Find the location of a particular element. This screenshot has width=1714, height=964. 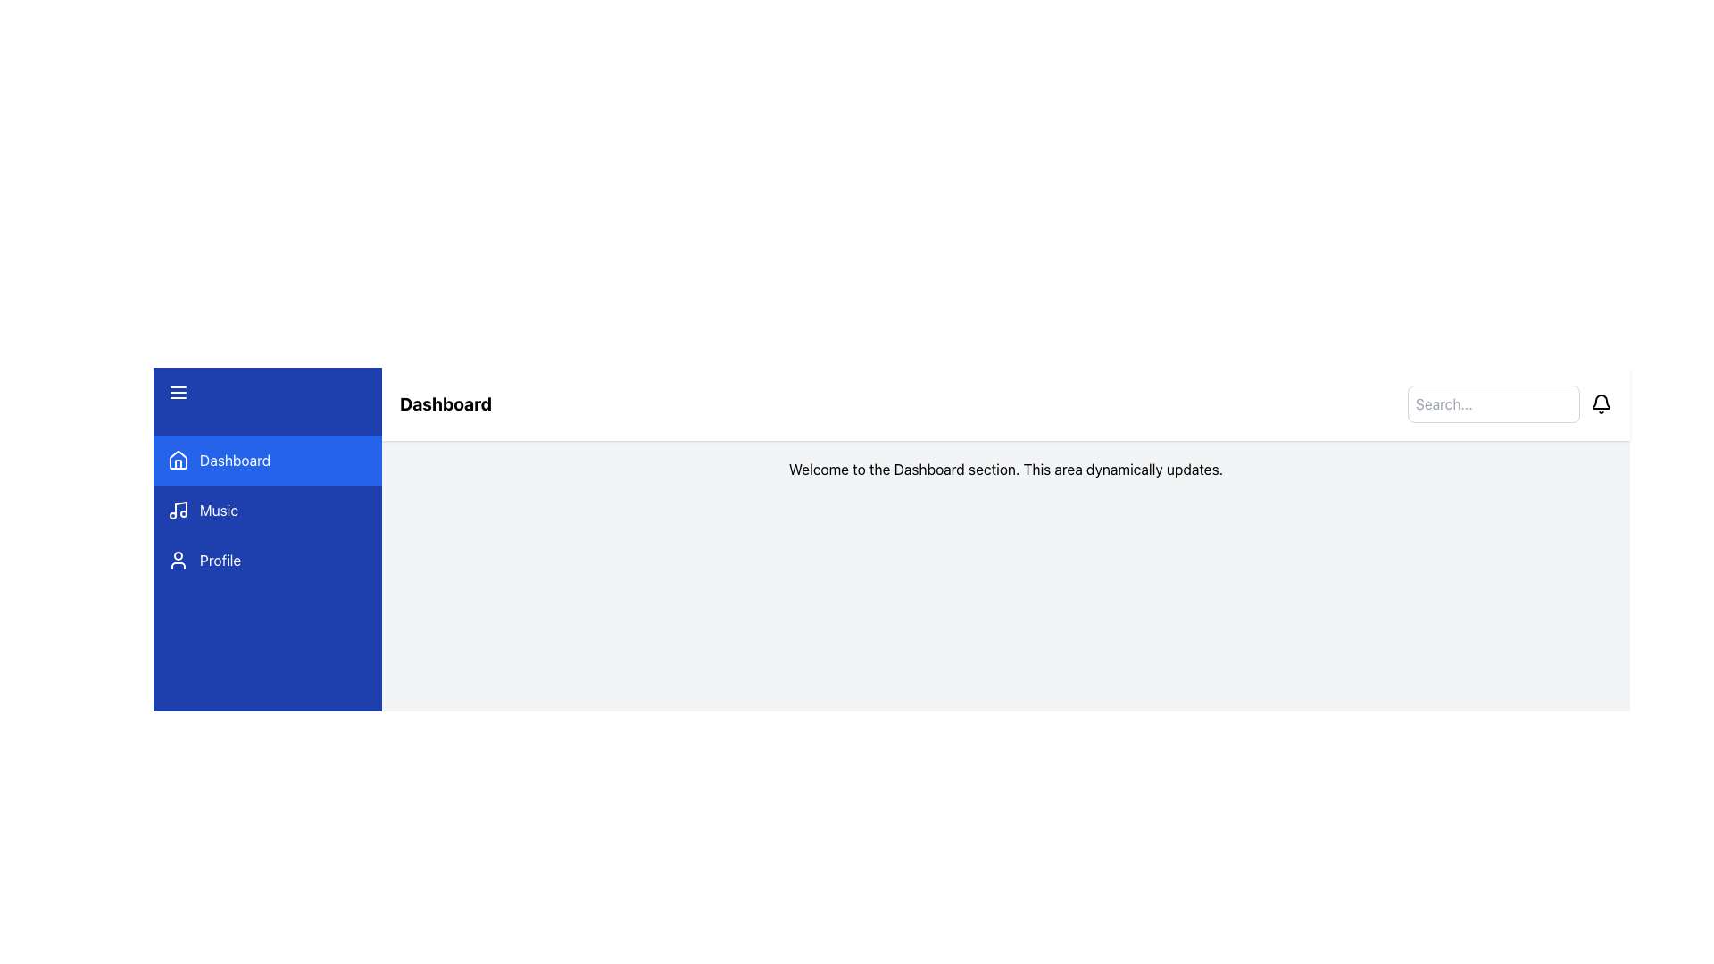

the 'Dashboard' text in the vertical sidebar menu is located at coordinates (234, 460).